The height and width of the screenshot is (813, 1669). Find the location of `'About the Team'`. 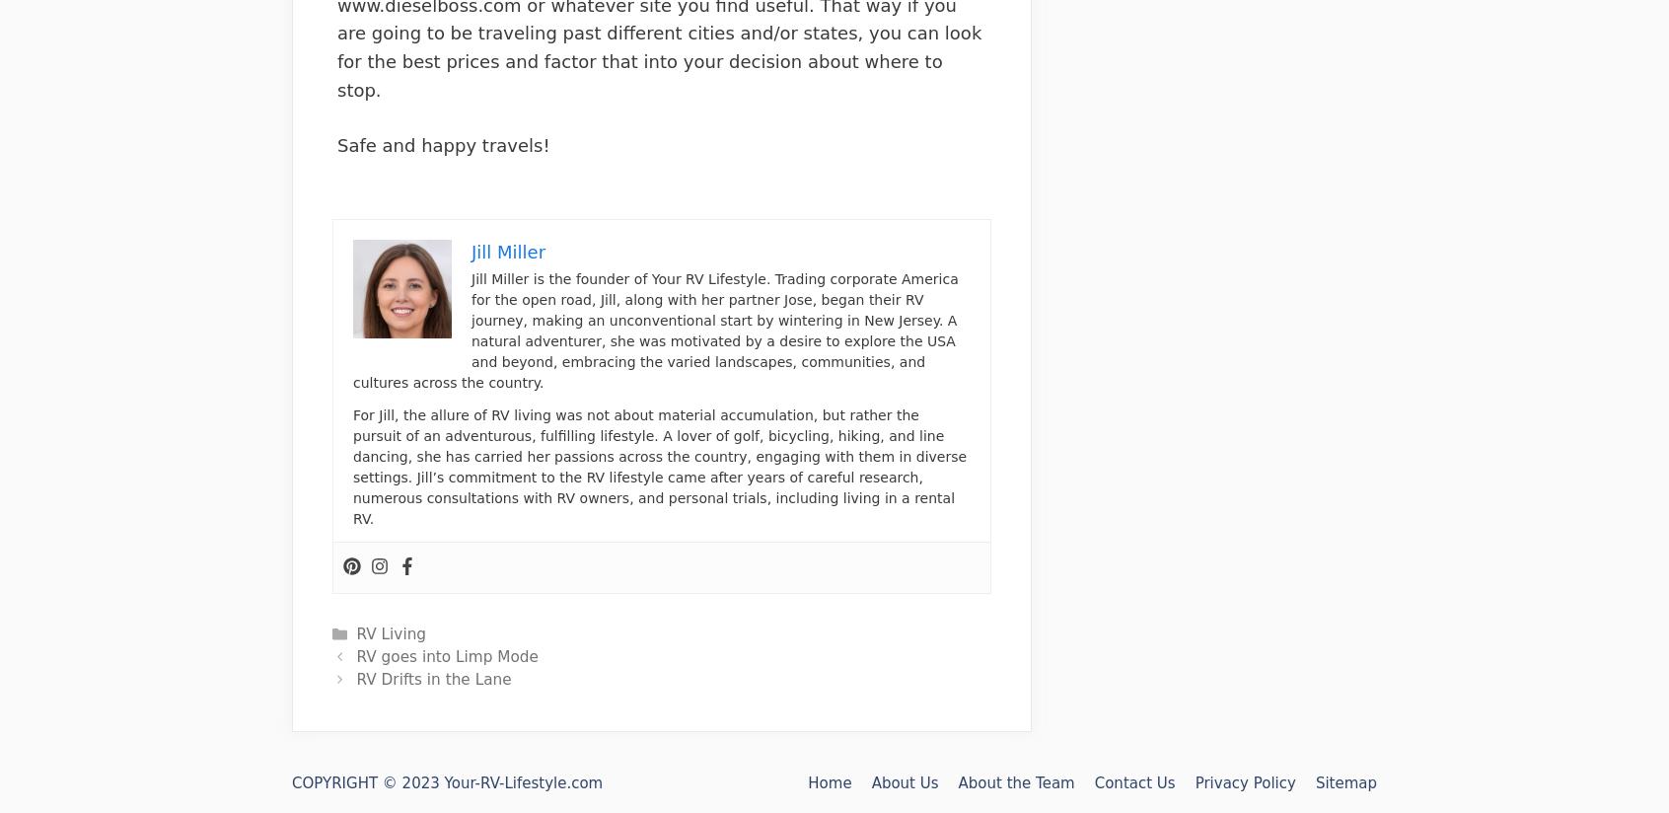

'About the Team' is located at coordinates (958, 783).